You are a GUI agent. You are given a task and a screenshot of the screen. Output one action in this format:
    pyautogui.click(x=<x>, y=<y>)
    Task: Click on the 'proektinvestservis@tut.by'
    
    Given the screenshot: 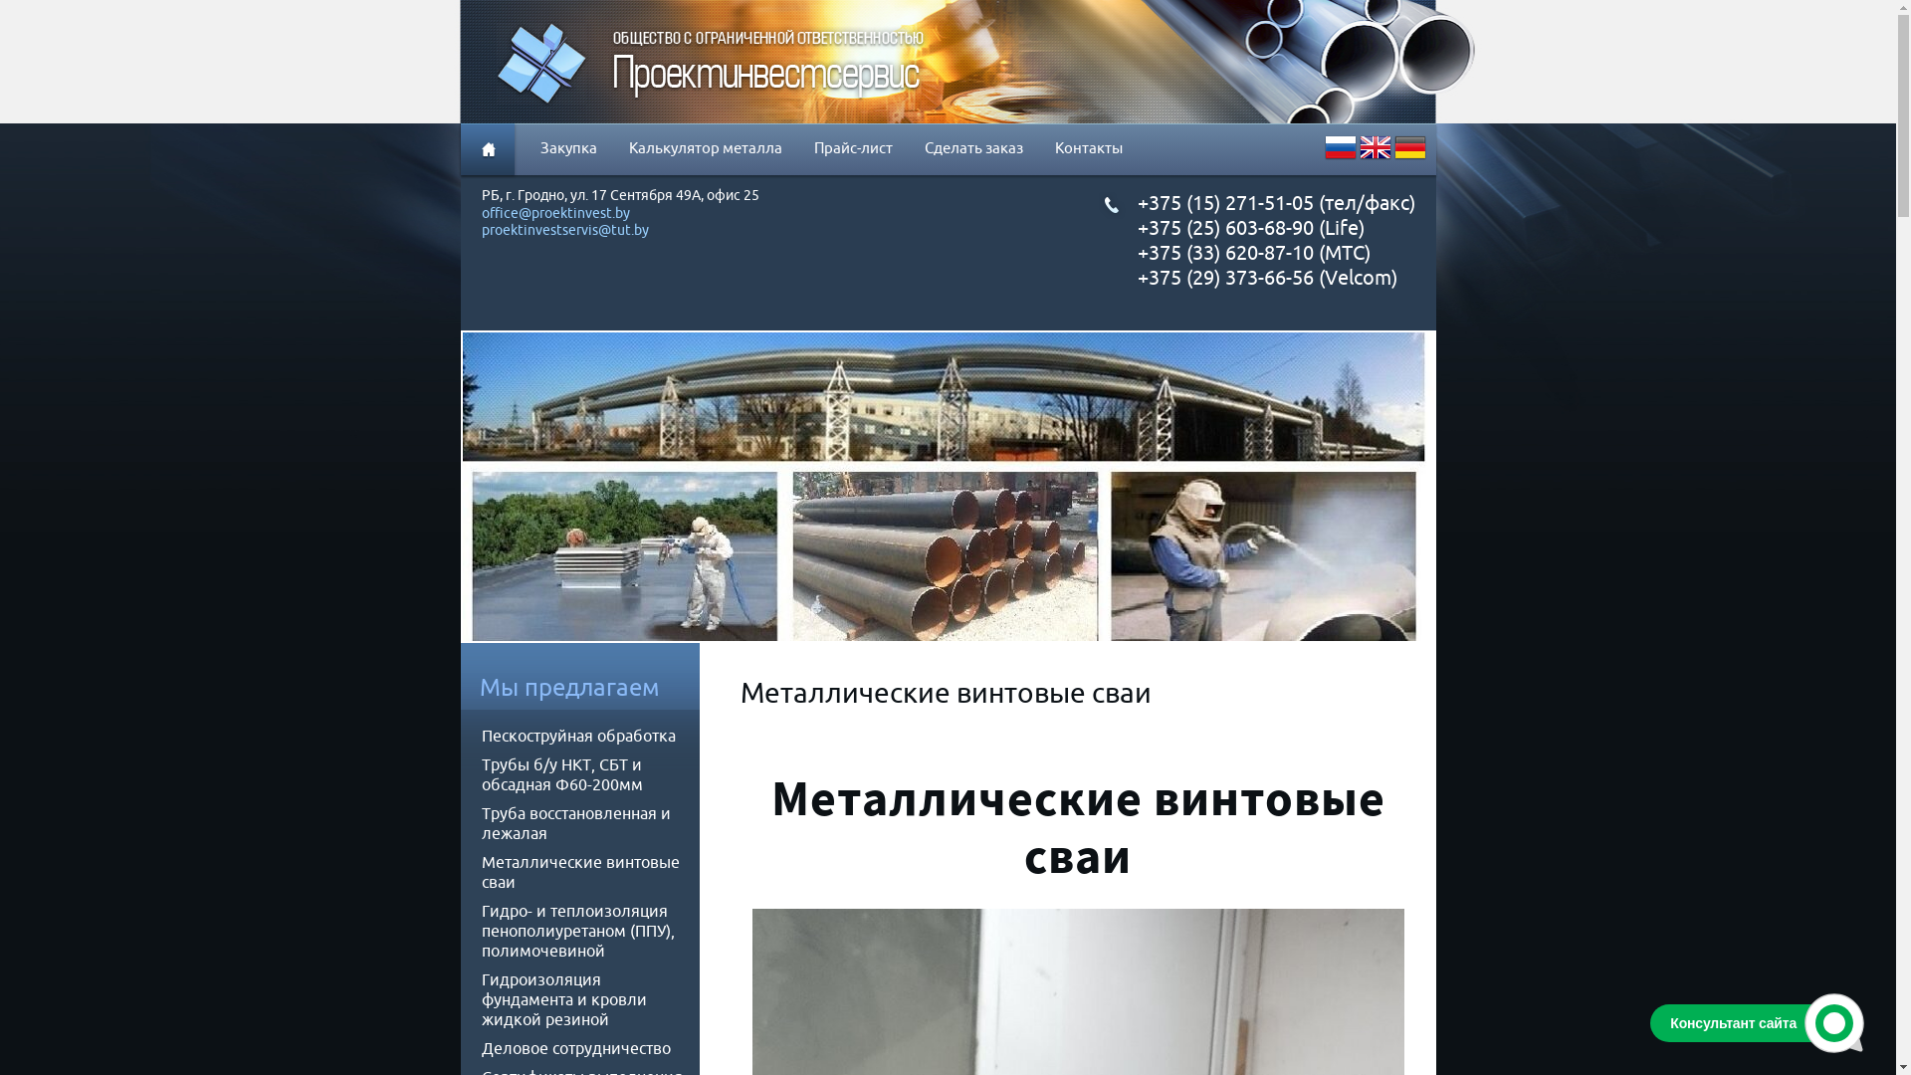 What is the action you would take?
    pyautogui.click(x=563, y=229)
    